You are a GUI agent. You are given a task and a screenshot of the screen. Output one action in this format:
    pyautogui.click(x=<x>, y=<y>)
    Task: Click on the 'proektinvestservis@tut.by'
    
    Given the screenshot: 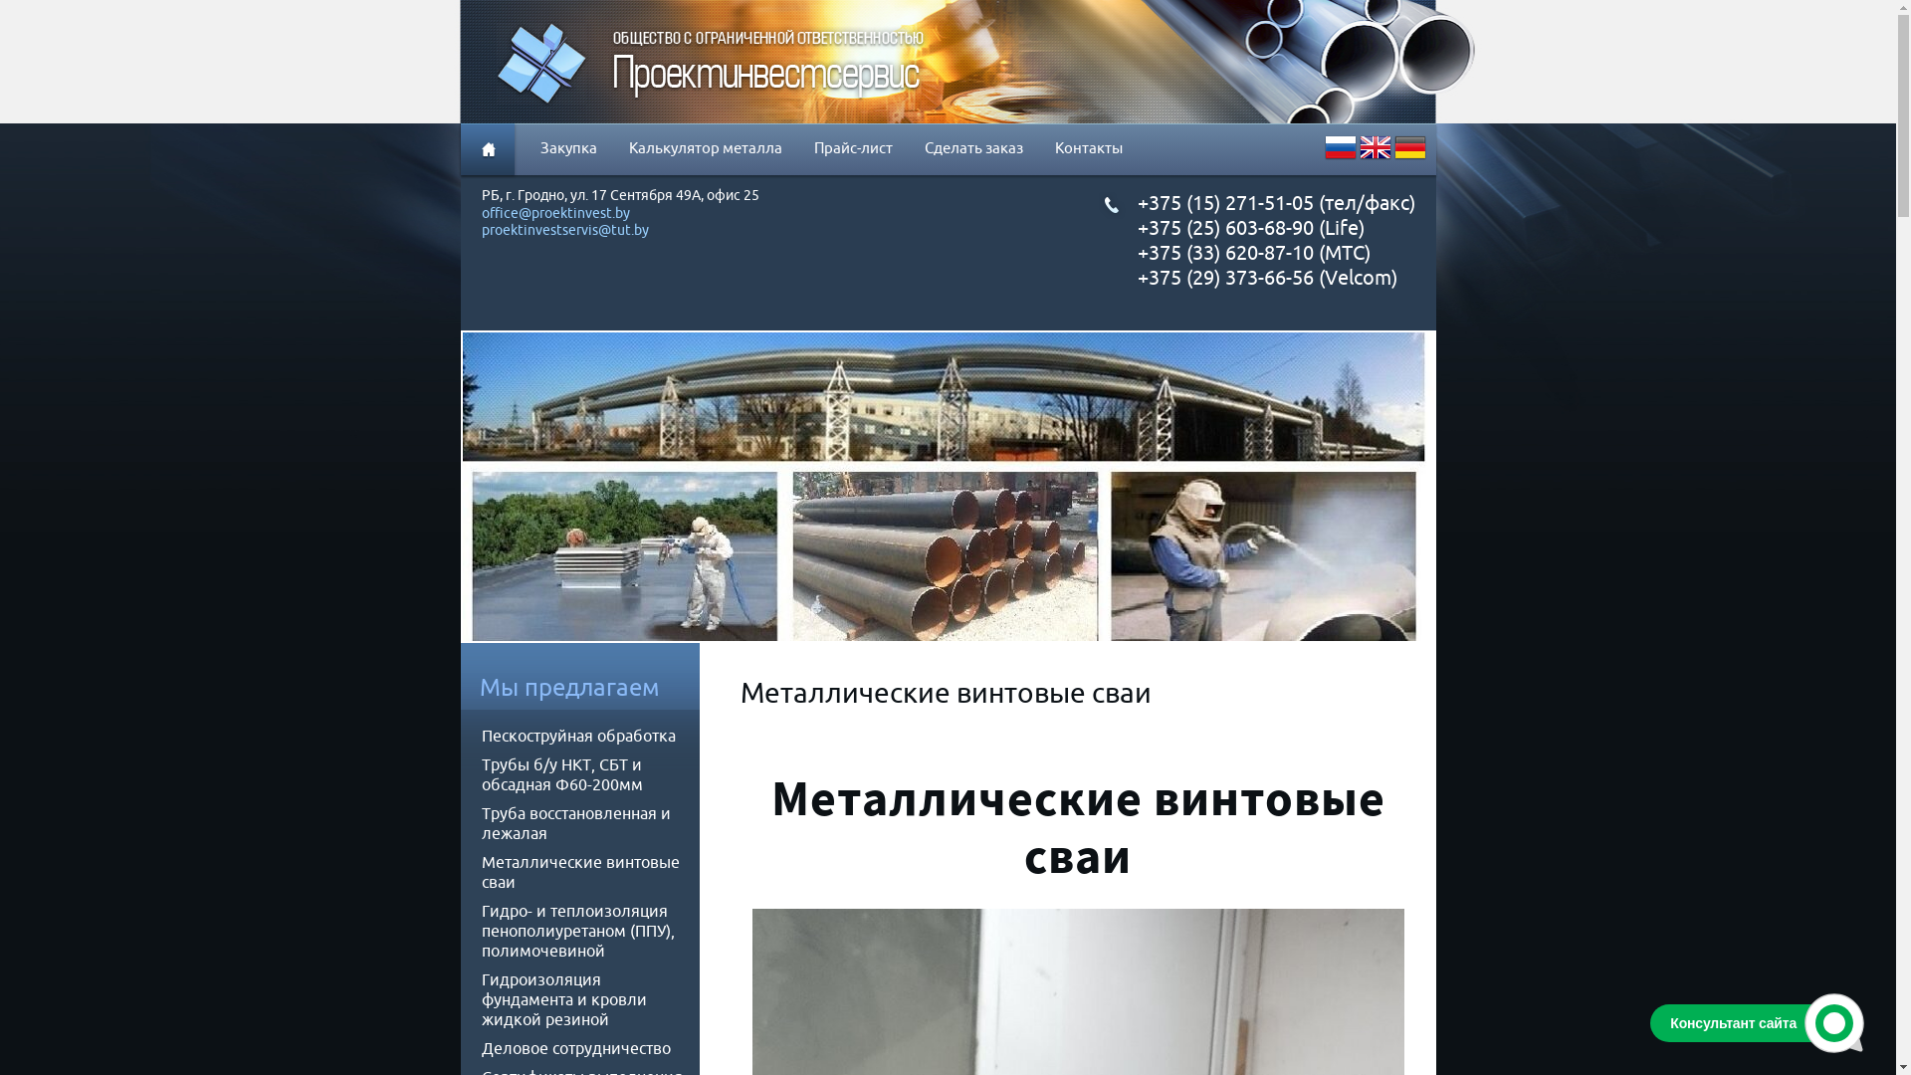 What is the action you would take?
    pyautogui.click(x=563, y=229)
    